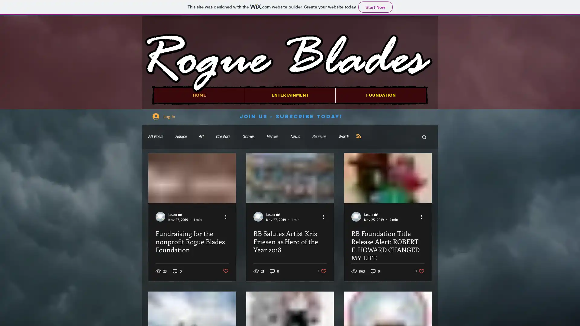 This screenshot has height=326, width=580. Describe the element at coordinates (164, 116) in the screenshot. I see `Log In` at that location.